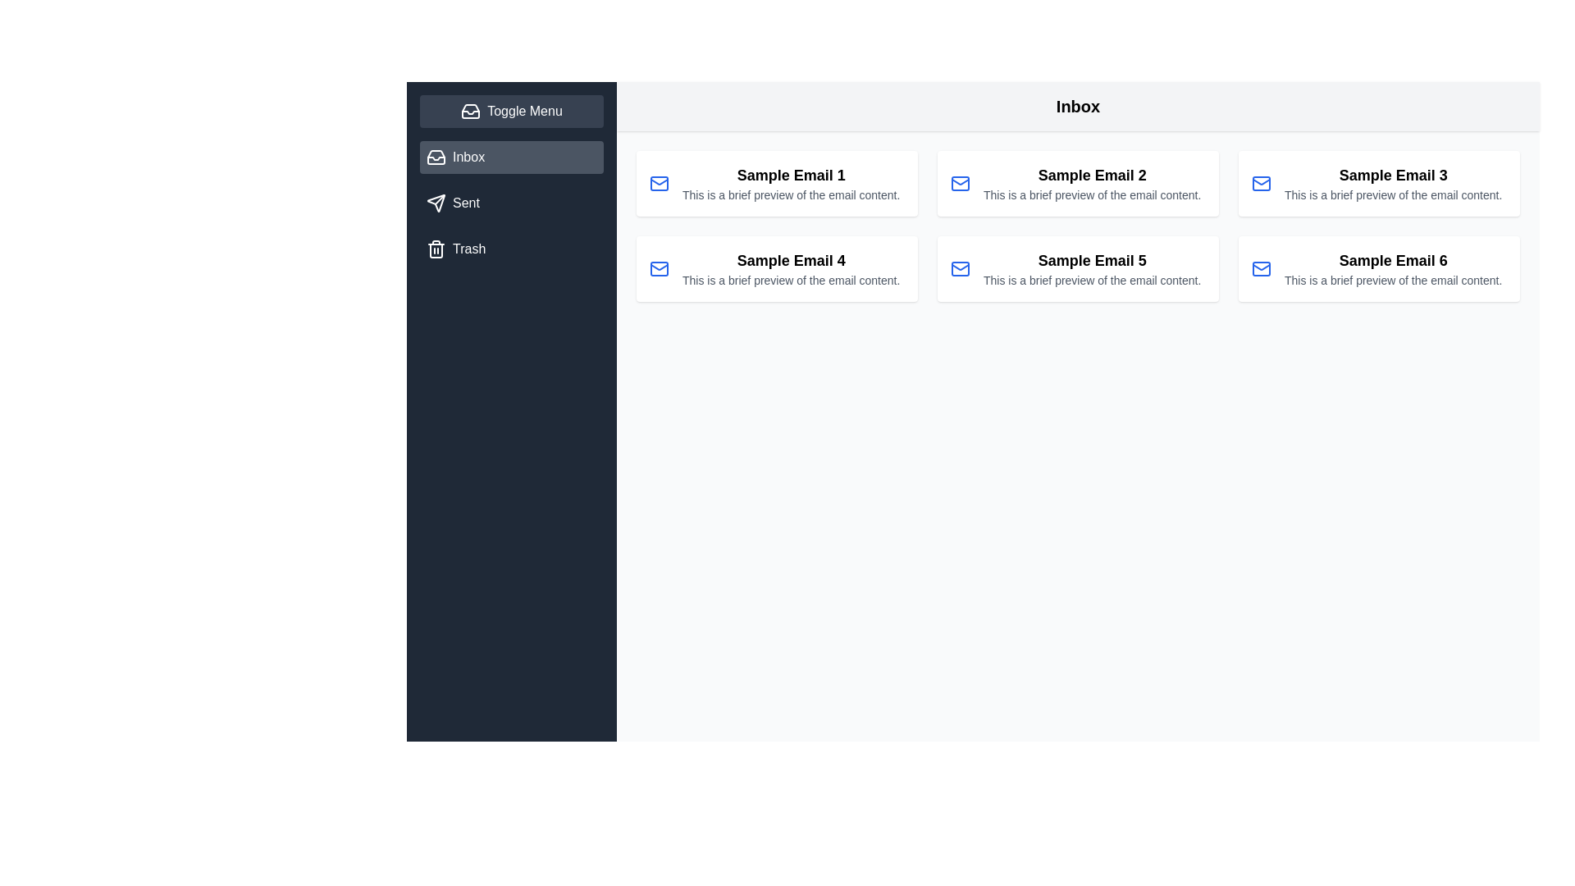  What do you see at coordinates (791, 267) in the screenshot?
I see `the text block preview for an email entry located in the second row, first column of the inbox grid` at bounding box center [791, 267].